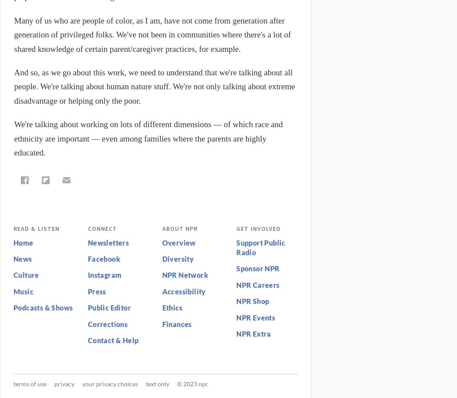  What do you see at coordinates (13, 383) in the screenshot?
I see `'Terms of Use'` at bounding box center [13, 383].